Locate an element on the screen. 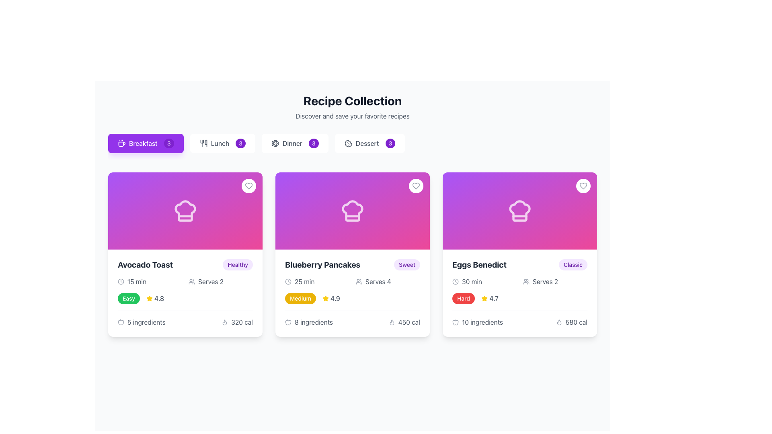 The height and width of the screenshot is (434, 772). the chef's hat icon located in the 'Blueberry Pancakes' card, which is the second card in the collection of three cards is located at coordinates (353, 210).